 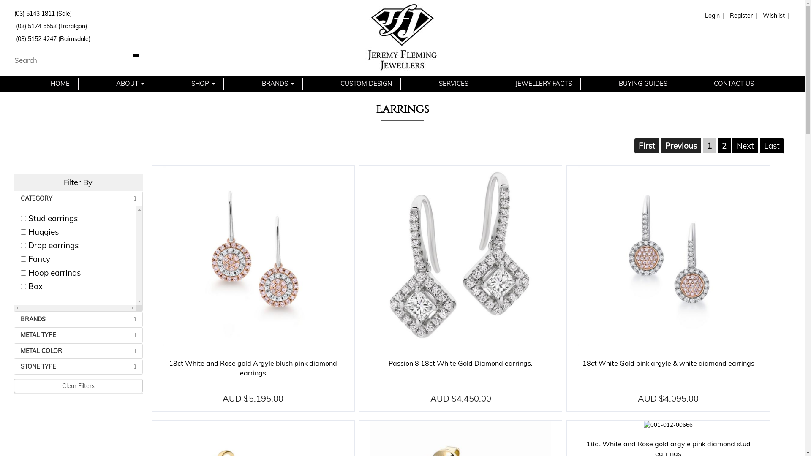 I want to click on 'Previous', so click(x=681, y=145).